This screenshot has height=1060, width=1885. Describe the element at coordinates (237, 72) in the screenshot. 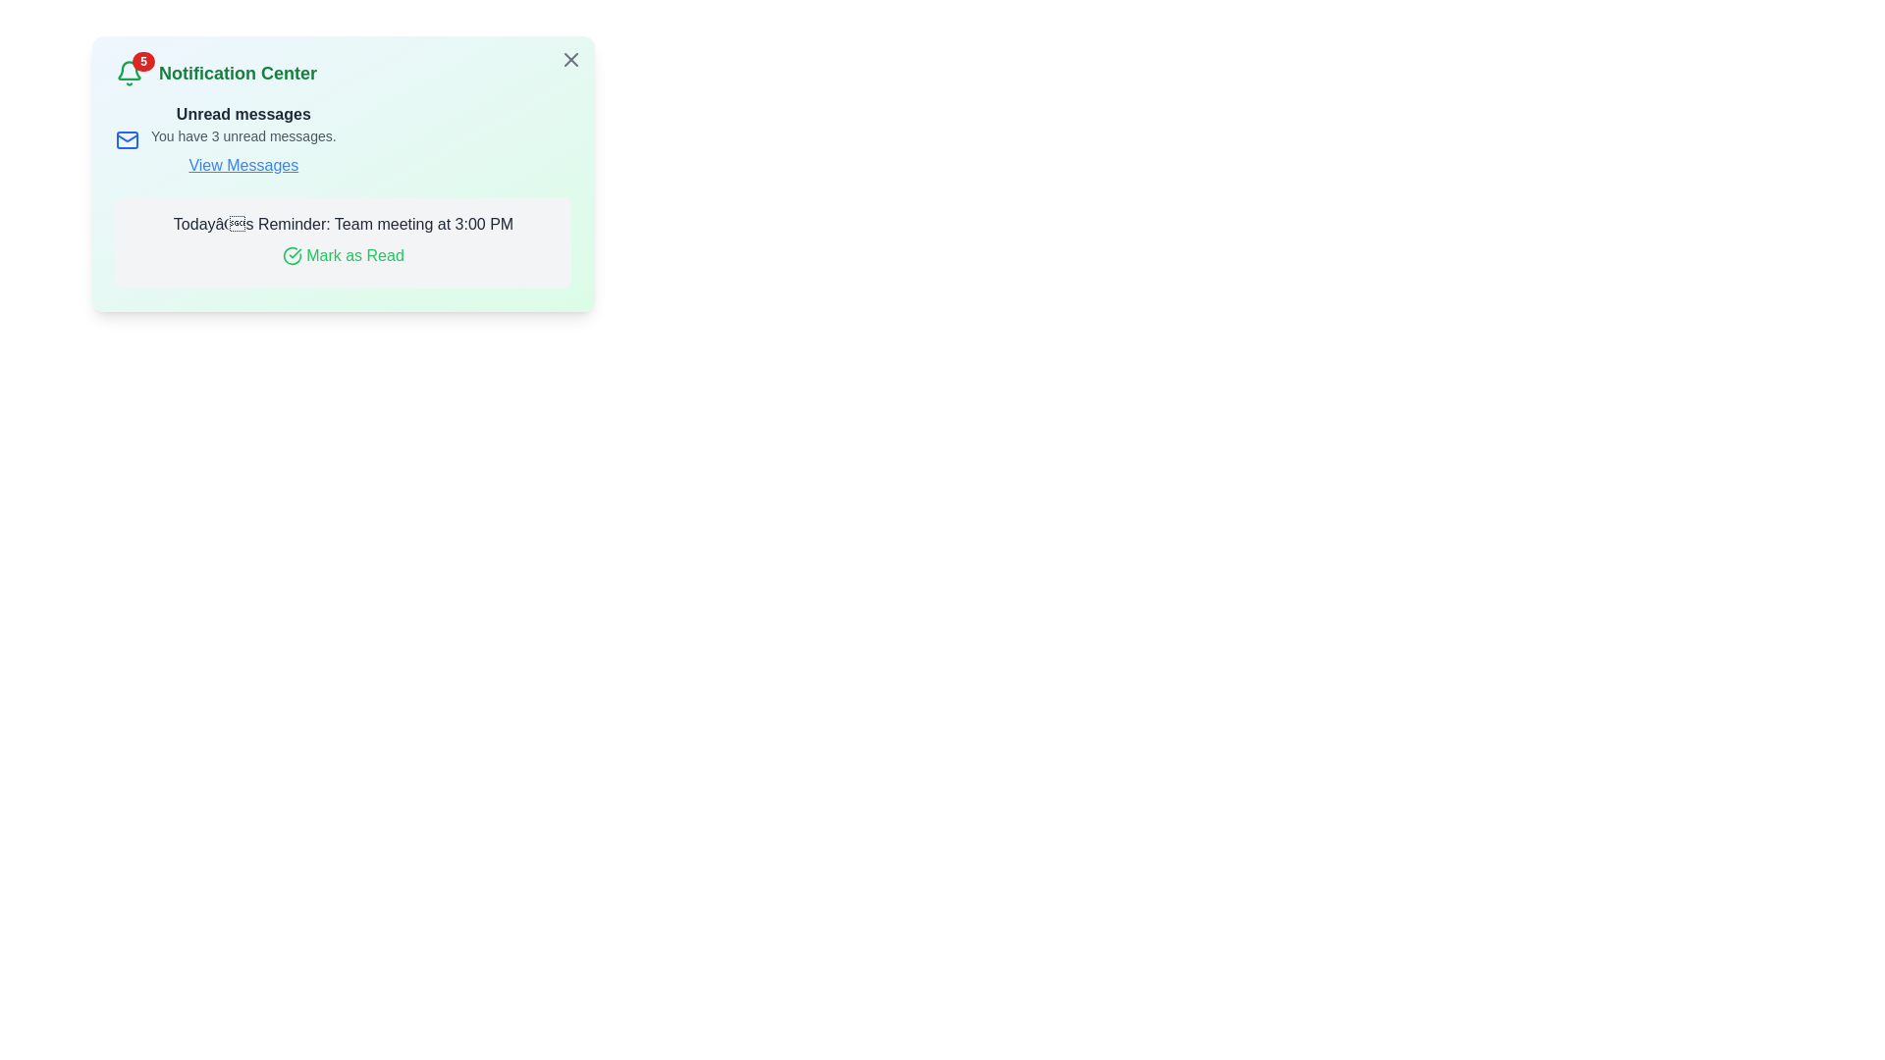

I see `the static text element that serves as the title of the notification panel, located to the right of the bell icon with a red notification badge` at that location.